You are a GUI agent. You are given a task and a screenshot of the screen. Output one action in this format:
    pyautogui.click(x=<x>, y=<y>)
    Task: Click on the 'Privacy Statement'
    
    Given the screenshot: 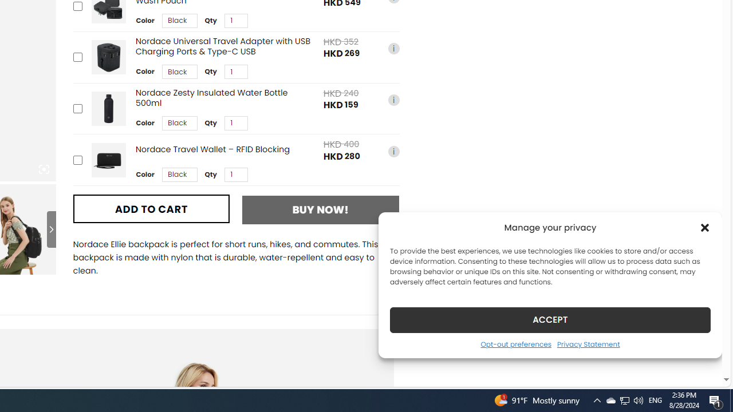 What is the action you would take?
    pyautogui.click(x=588, y=343)
    